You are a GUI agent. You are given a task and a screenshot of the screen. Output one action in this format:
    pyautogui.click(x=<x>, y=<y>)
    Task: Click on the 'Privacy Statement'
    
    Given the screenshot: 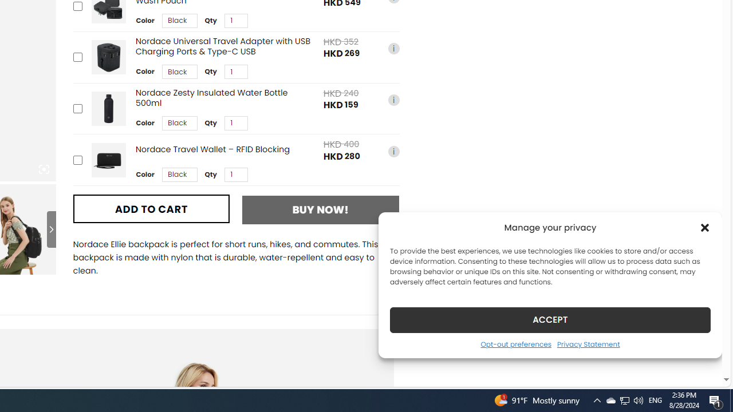 What is the action you would take?
    pyautogui.click(x=588, y=343)
    